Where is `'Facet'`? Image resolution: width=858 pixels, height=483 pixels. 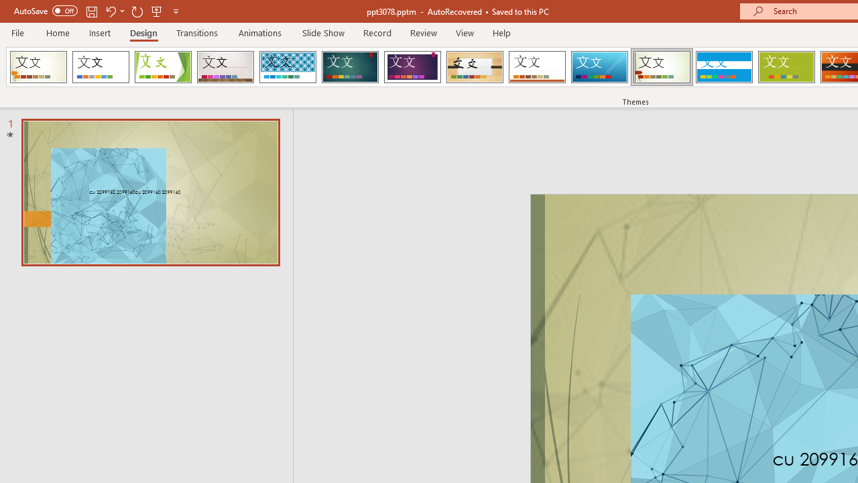 'Facet' is located at coordinates (162, 67).